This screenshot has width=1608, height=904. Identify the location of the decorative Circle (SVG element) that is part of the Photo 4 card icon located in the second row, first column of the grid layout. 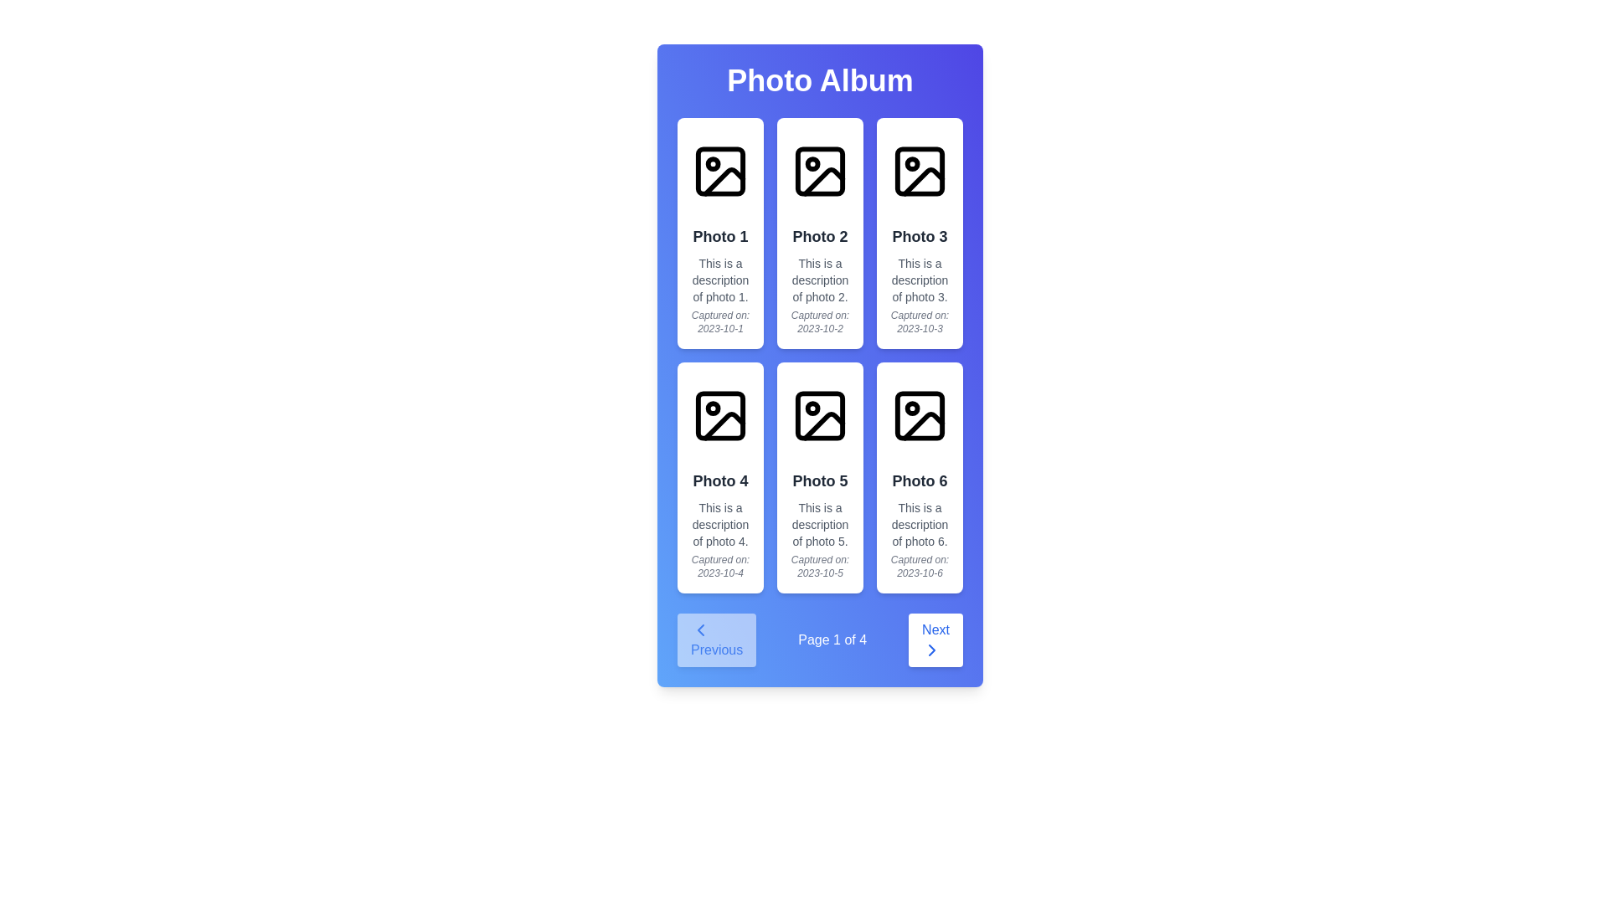
(713, 408).